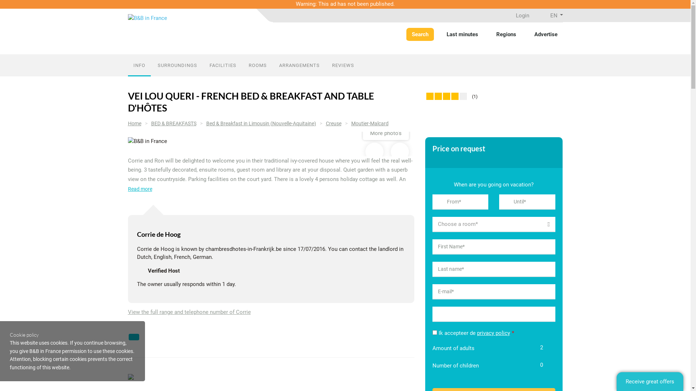 Image resolution: width=696 pixels, height=391 pixels. Describe the element at coordinates (385, 133) in the screenshot. I see `'More photo's'` at that location.